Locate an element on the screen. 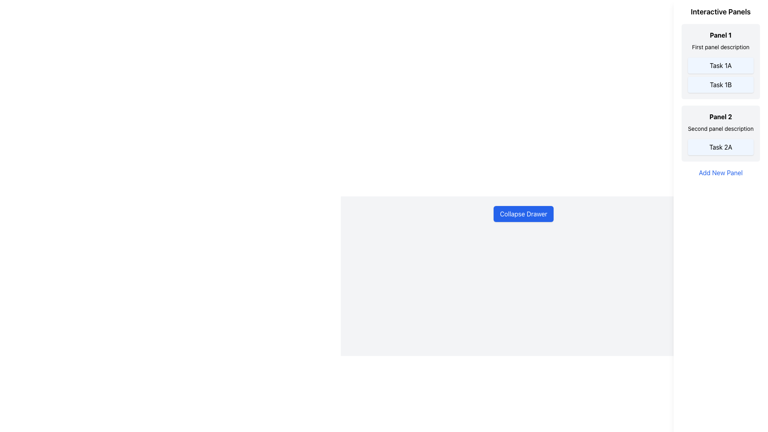 This screenshot has width=768, height=432. the second panel with a light gray background, bold title, and blue button text is located at coordinates (720, 133).